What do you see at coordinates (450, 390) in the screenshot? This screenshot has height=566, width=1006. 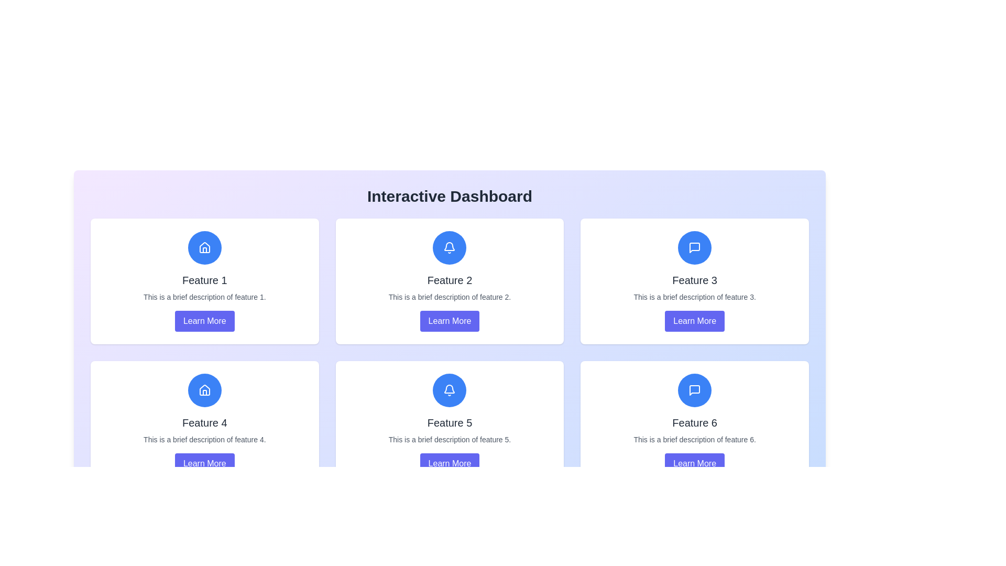 I see `the circular blue icon with a white bell symbol located at the top of the 'Feature 5' card, above the text 'Feature 5'` at bounding box center [450, 390].